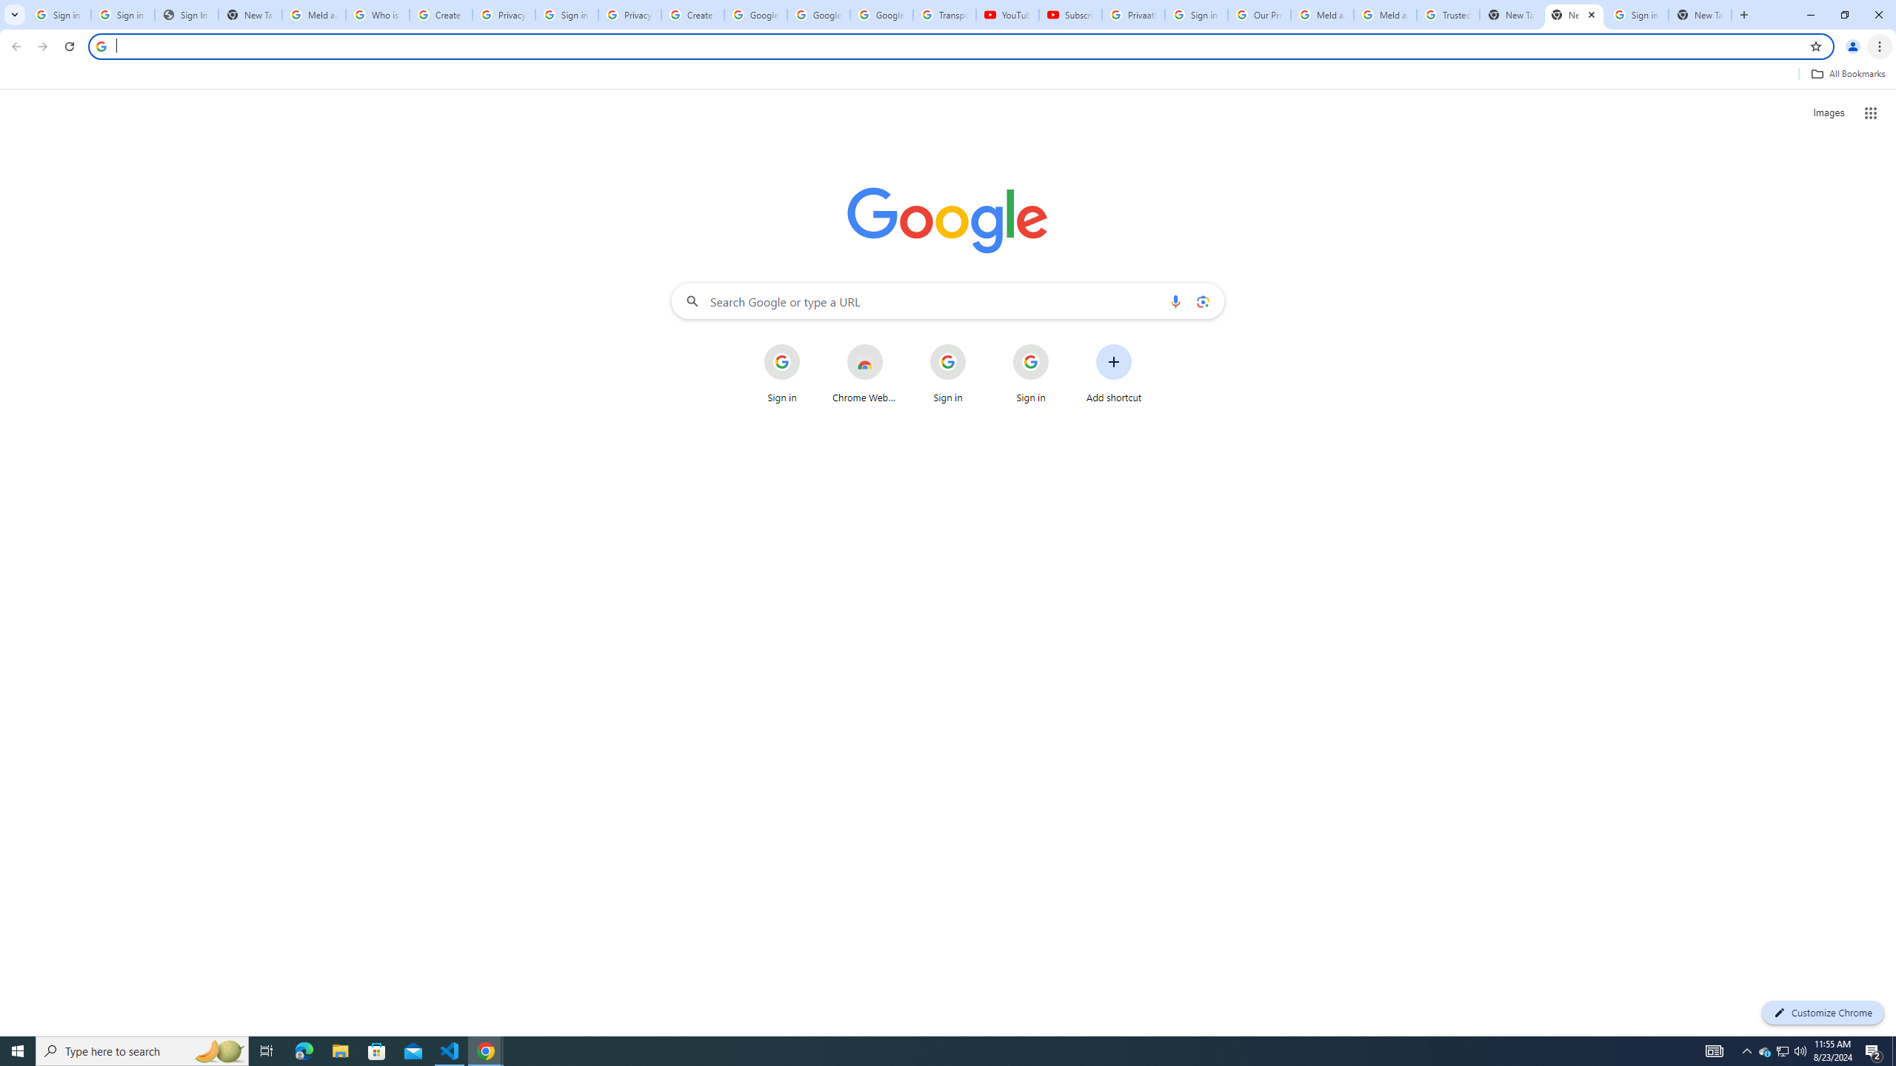  Describe the element at coordinates (14, 14) in the screenshot. I see `'Search tabs'` at that location.